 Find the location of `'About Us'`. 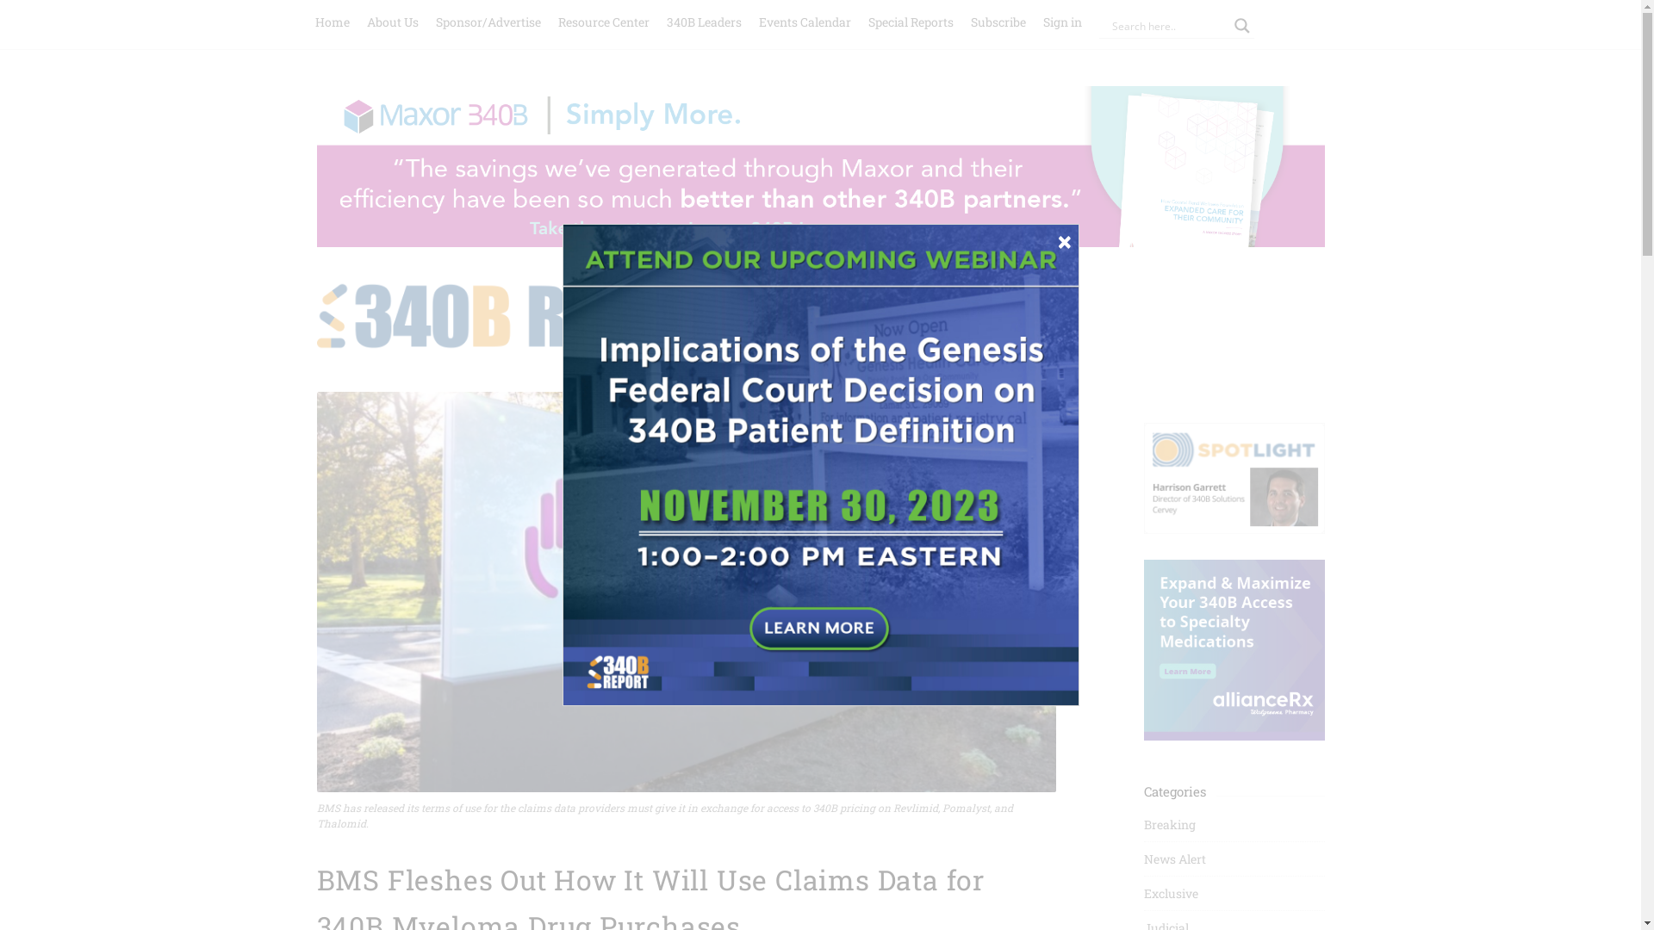

'About Us' is located at coordinates (392, 21).